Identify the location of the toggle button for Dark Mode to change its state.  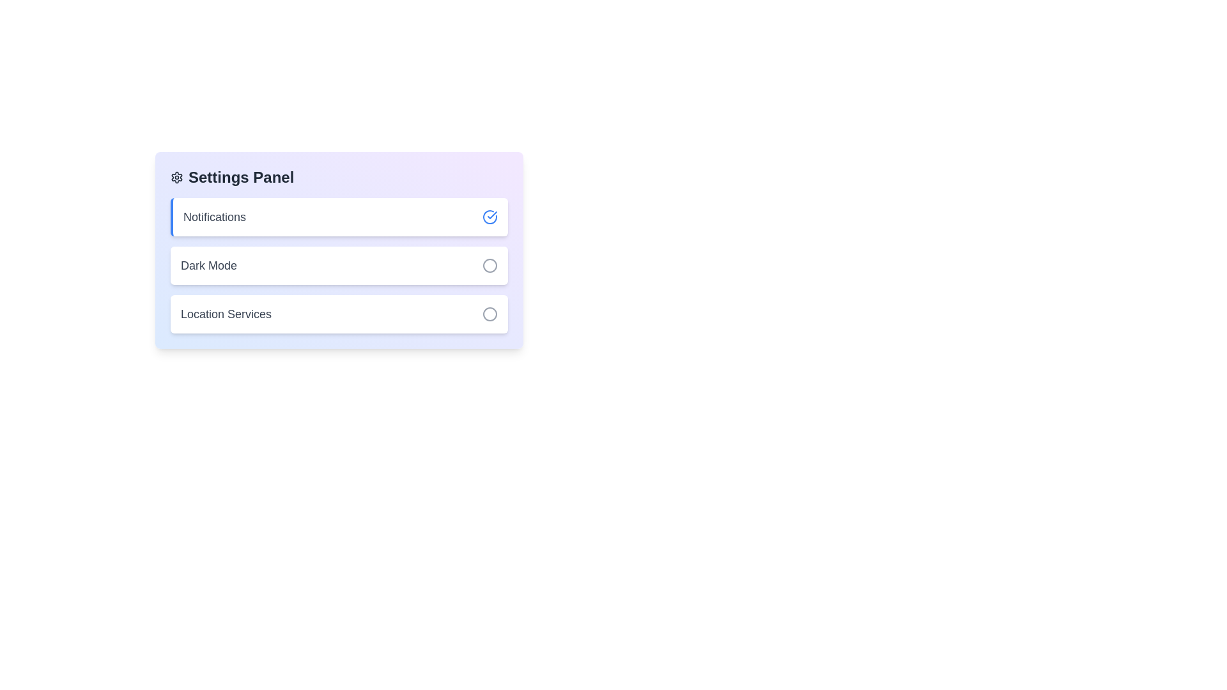
(490, 265).